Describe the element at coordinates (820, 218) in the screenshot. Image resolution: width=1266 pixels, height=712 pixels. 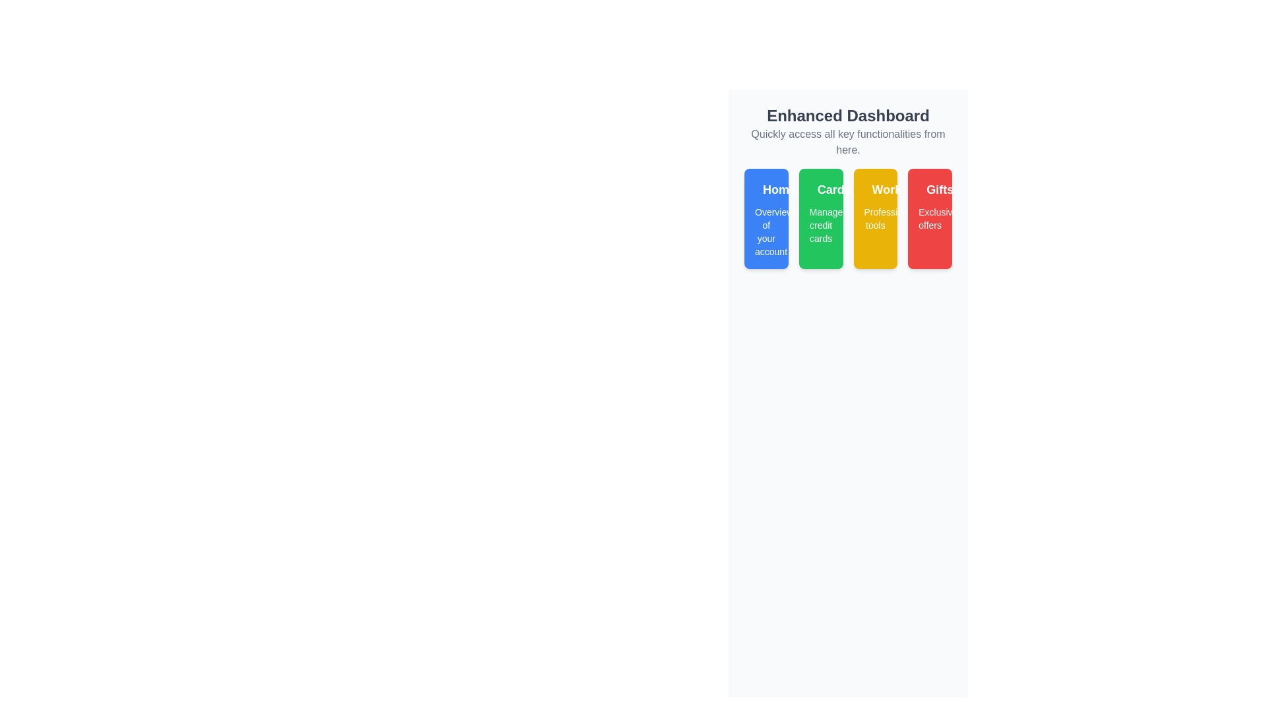
I see `the title 'Cards' within the green rectangular card that has a shadow effect and contains the descriptive text 'Manage credit cards'` at that location.